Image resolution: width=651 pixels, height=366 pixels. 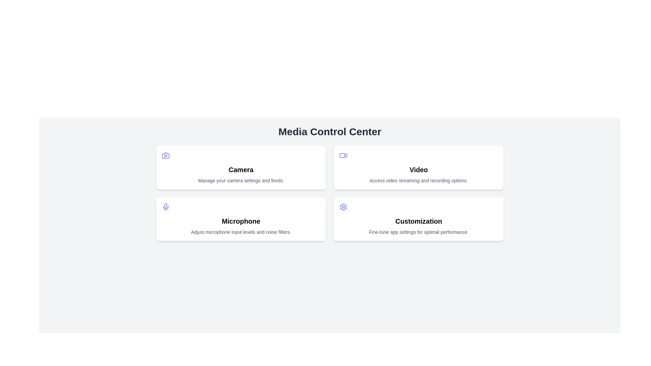 What do you see at coordinates (418, 221) in the screenshot?
I see `text element displaying the heading or title labeled 'Customization', which is prominently positioned at the center of the fourth card in a 2x2 grid beneath the 'Media Control Center' heading` at bounding box center [418, 221].